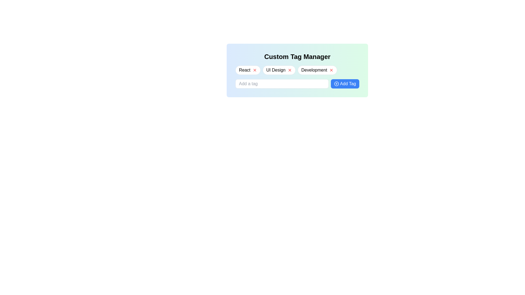  Describe the element at coordinates (290, 70) in the screenshot. I see `the red 'X' close icon within the 'UI Design' tag` at that location.